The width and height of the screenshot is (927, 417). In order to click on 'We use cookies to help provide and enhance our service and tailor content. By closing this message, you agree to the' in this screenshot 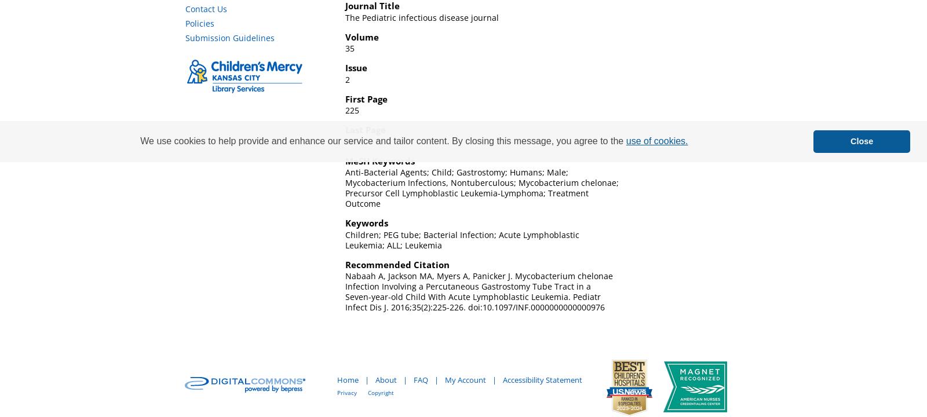, I will do `click(382, 140)`.